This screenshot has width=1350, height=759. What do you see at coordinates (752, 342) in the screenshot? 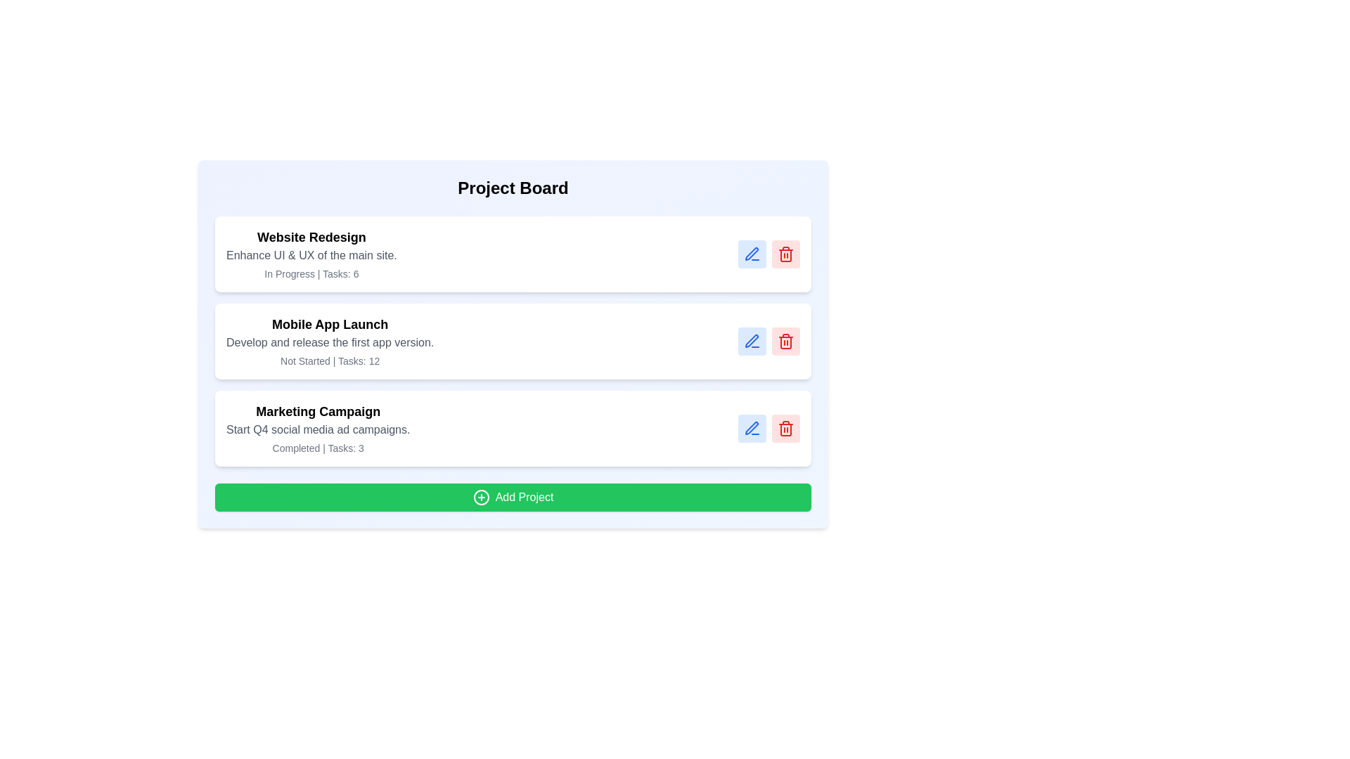
I see `the edit button for the project 'Mobile App Launch'` at bounding box center [752, 342].